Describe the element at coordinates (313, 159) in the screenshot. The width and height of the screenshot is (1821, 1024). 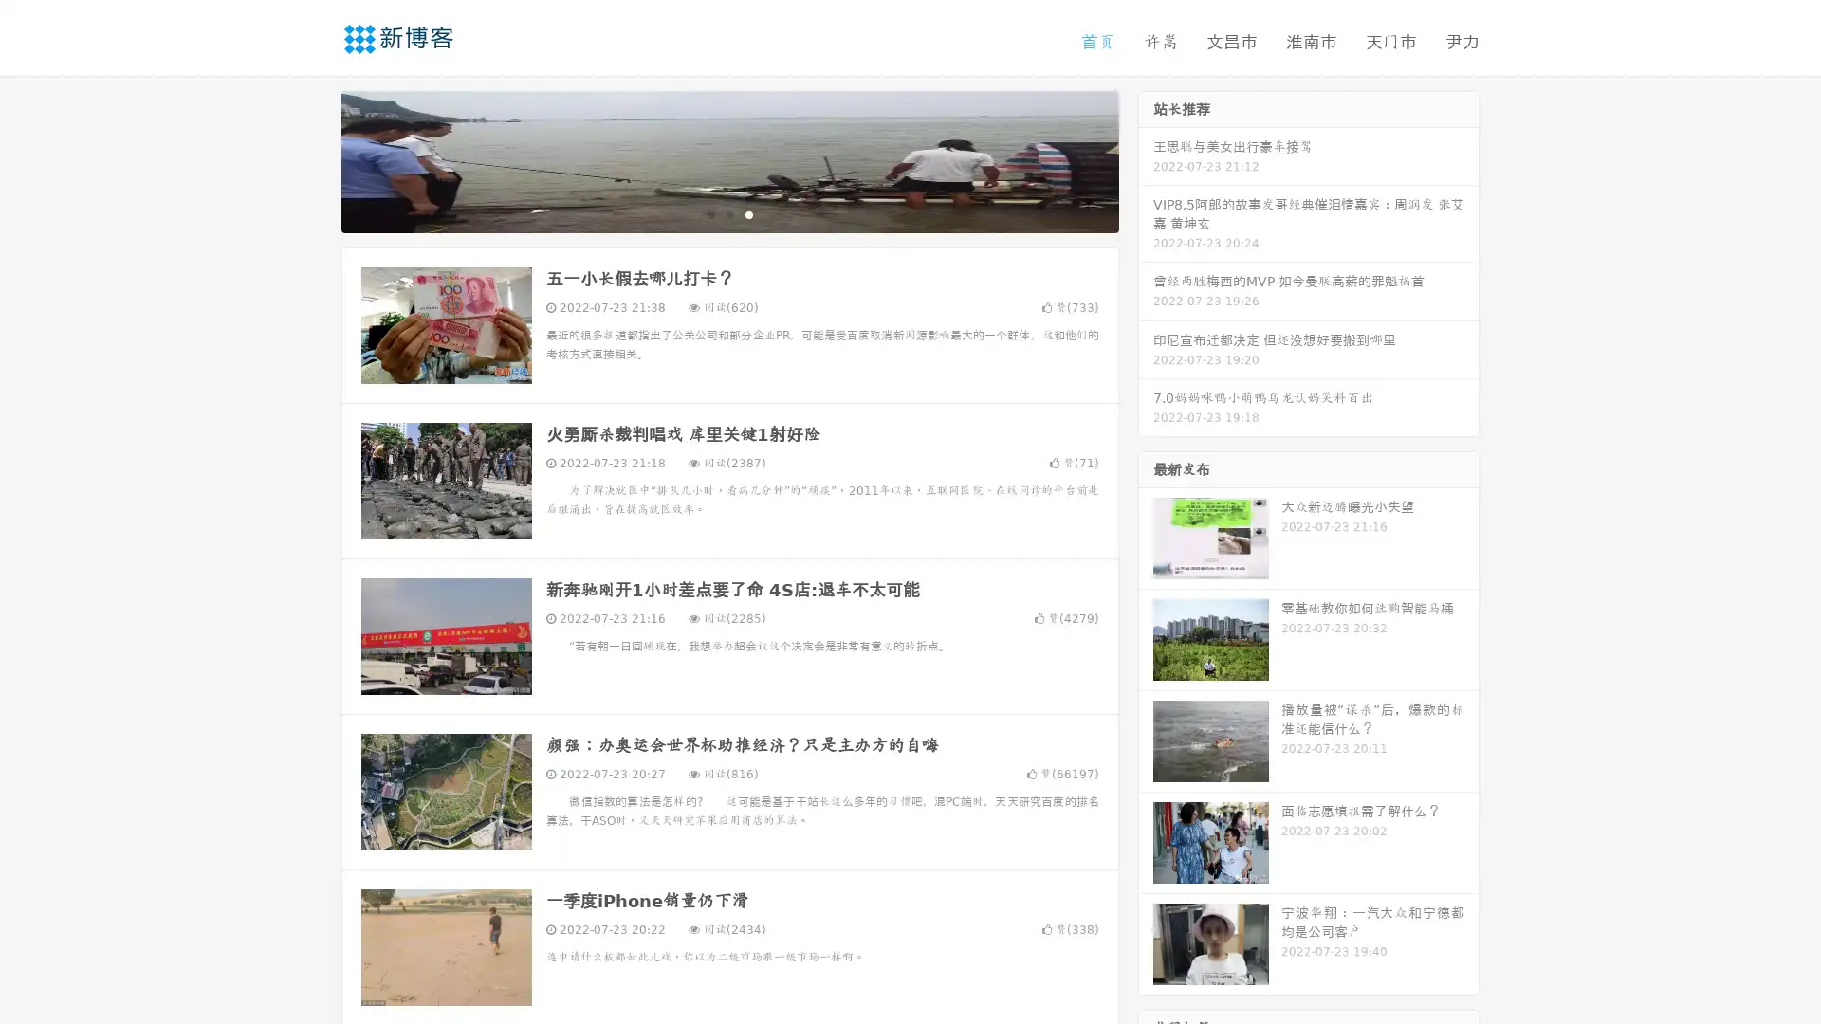
I see `Previous slide` at that location.